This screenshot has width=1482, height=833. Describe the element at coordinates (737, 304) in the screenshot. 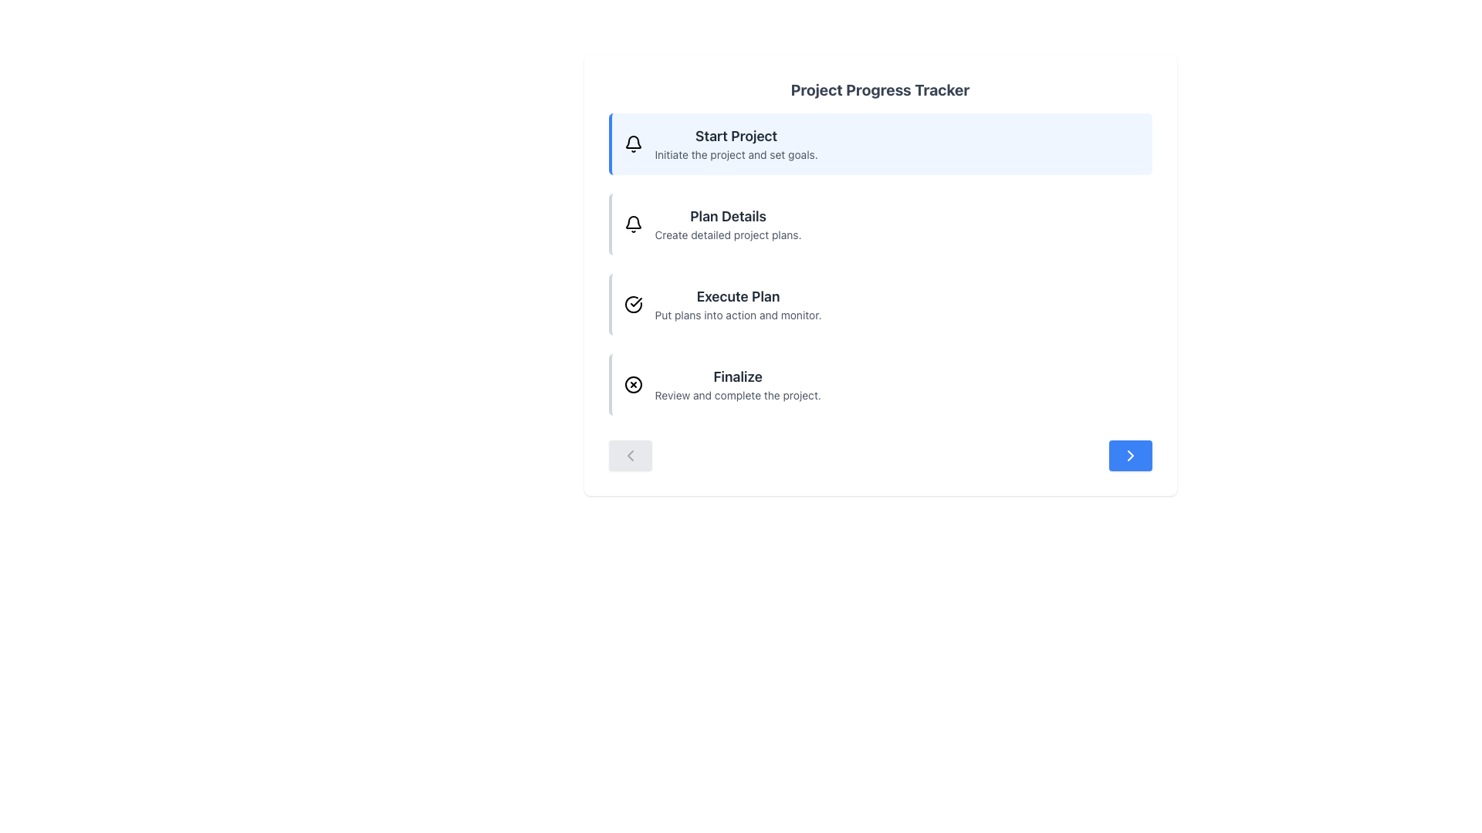

I see `the non-interactive Text Display labeled 'Execute Plan', which is the third item in a vertical list, positioned between 'Plan Details' and 'Finalize'` at that location.